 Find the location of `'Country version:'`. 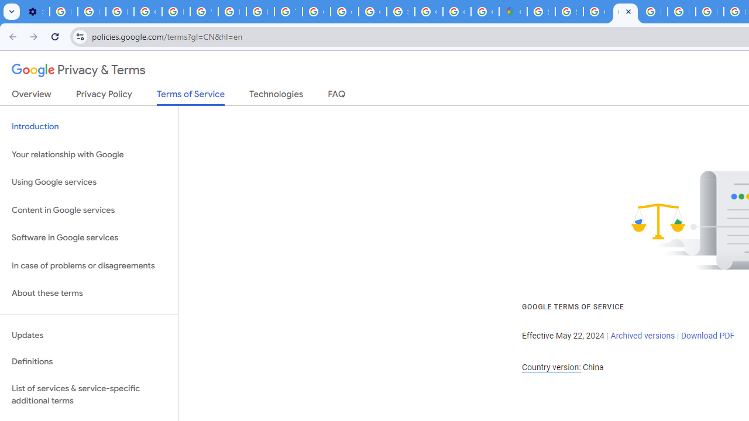

'Country version:' is located at coordinates (551, 367).